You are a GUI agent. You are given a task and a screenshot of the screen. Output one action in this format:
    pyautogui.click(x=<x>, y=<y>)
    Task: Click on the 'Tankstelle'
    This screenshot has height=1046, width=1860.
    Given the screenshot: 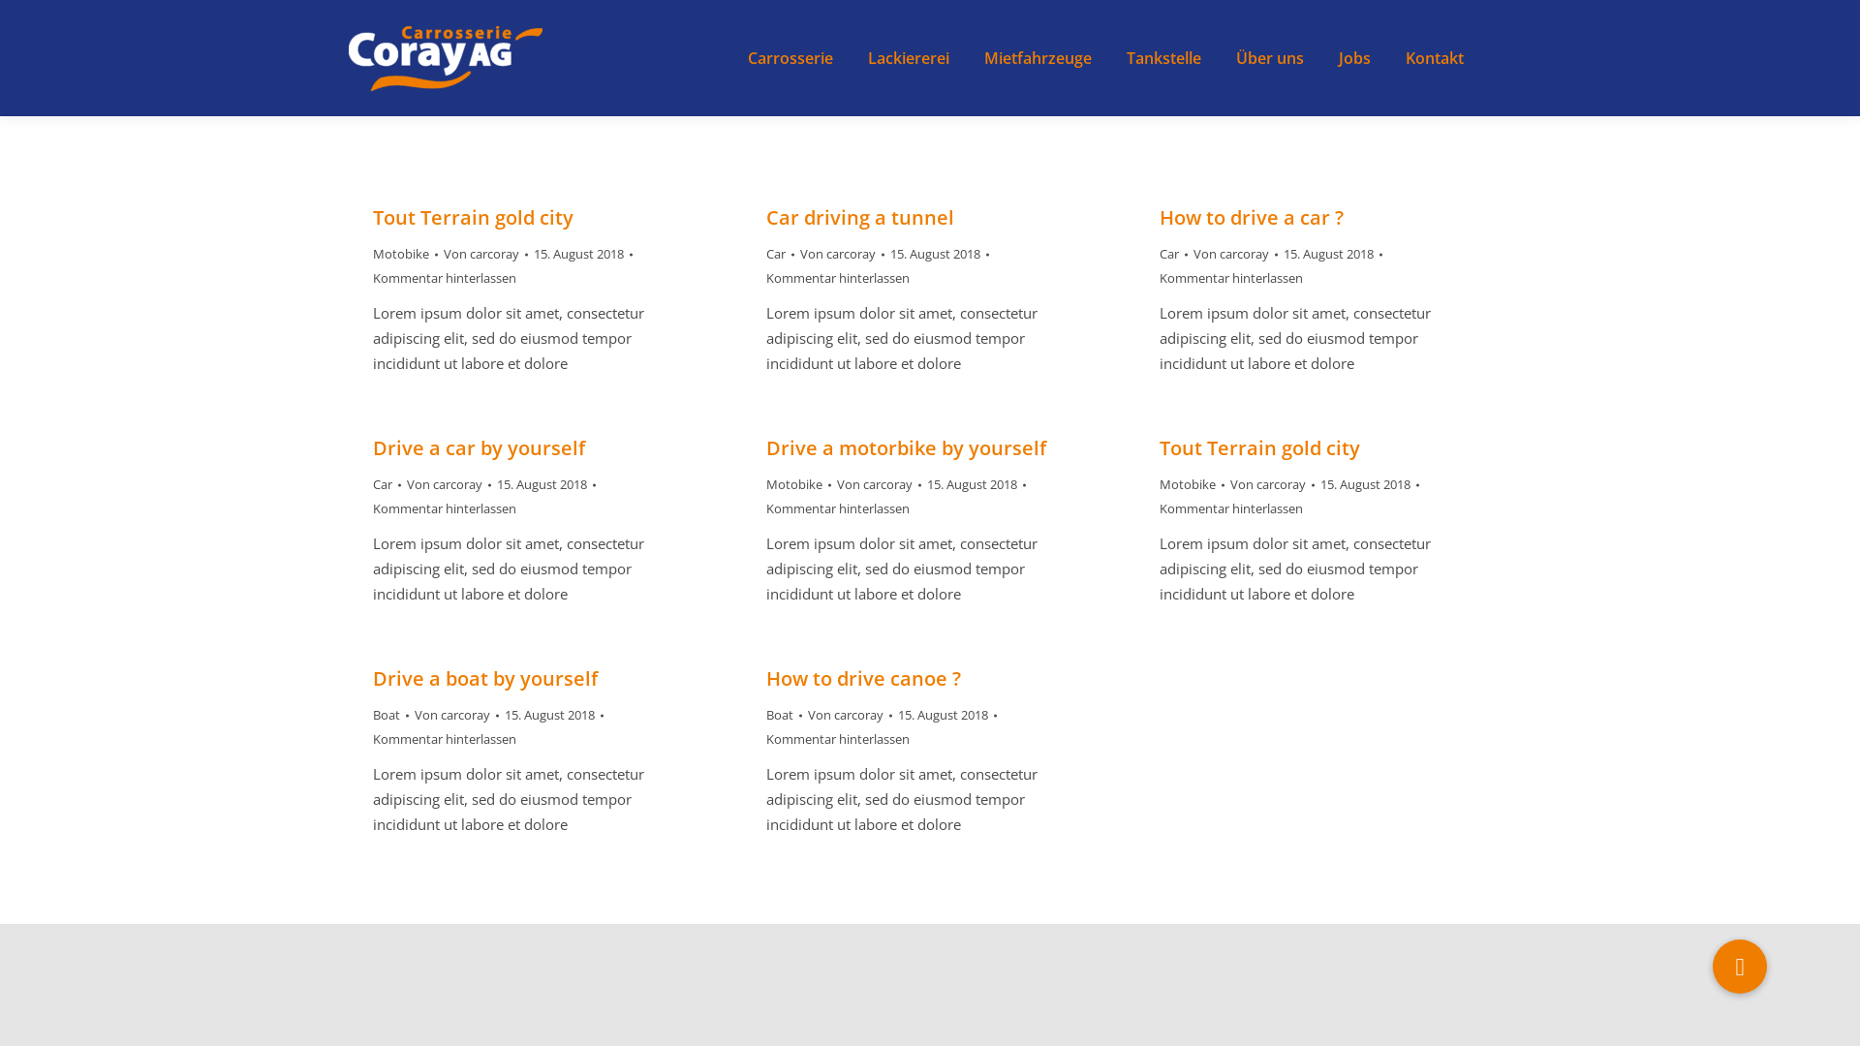 What is the action you would take?
    pyautogui.click(x=1162, y=57)
    